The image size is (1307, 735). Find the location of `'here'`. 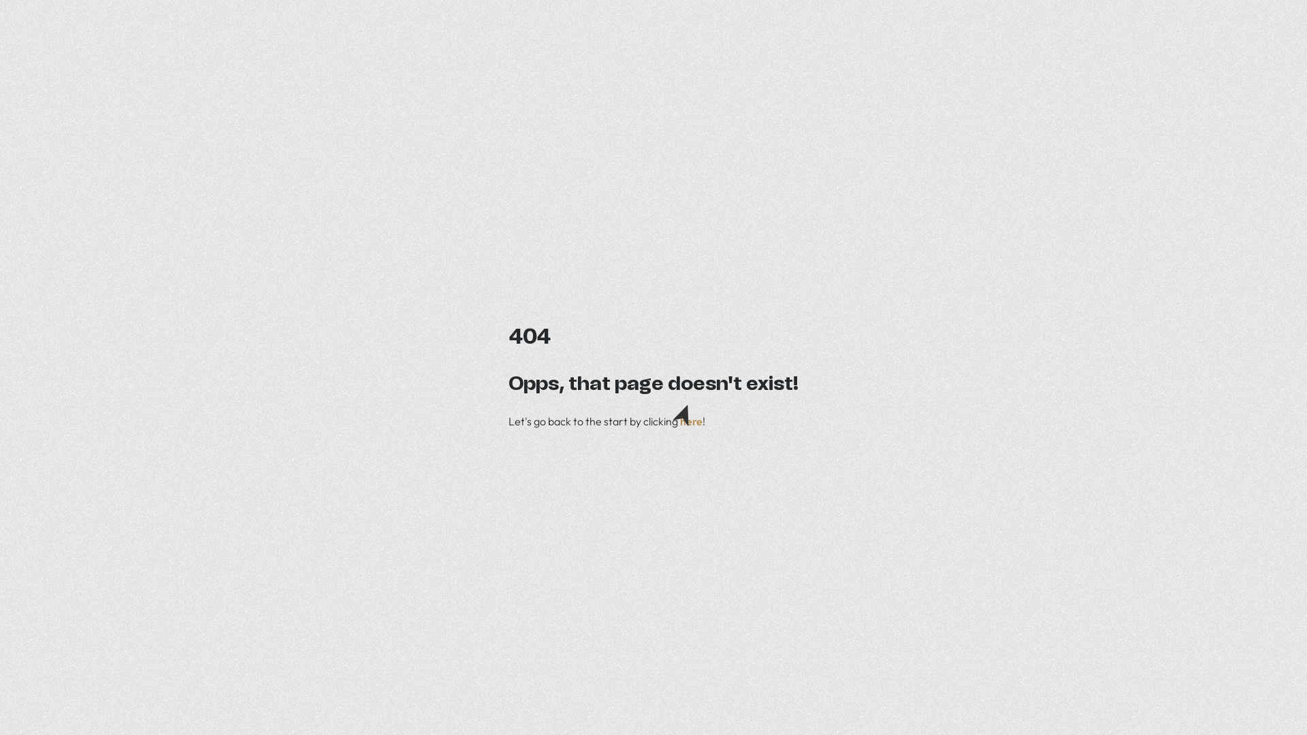

'here' is located at coordinates (679, 420).